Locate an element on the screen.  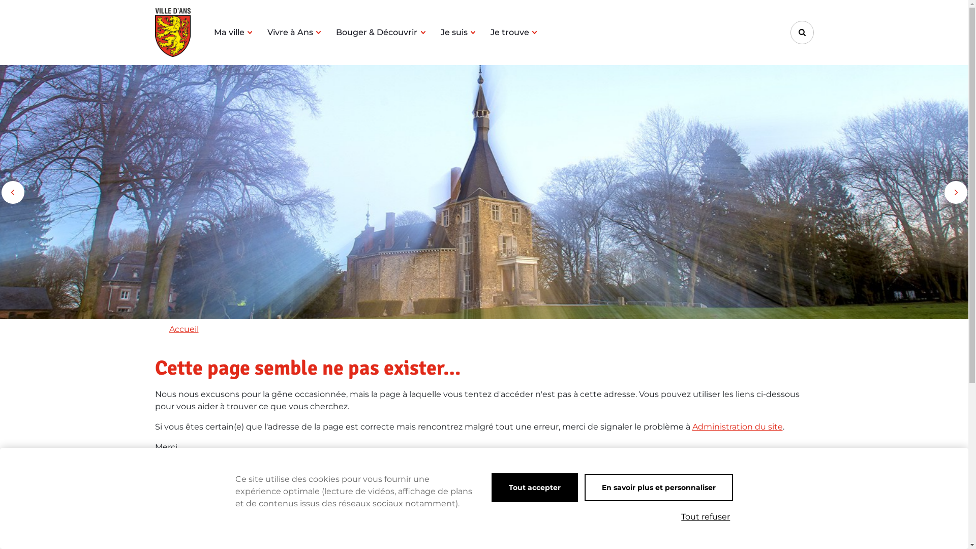
'Ma ville' is located at coordinates (213, 32).